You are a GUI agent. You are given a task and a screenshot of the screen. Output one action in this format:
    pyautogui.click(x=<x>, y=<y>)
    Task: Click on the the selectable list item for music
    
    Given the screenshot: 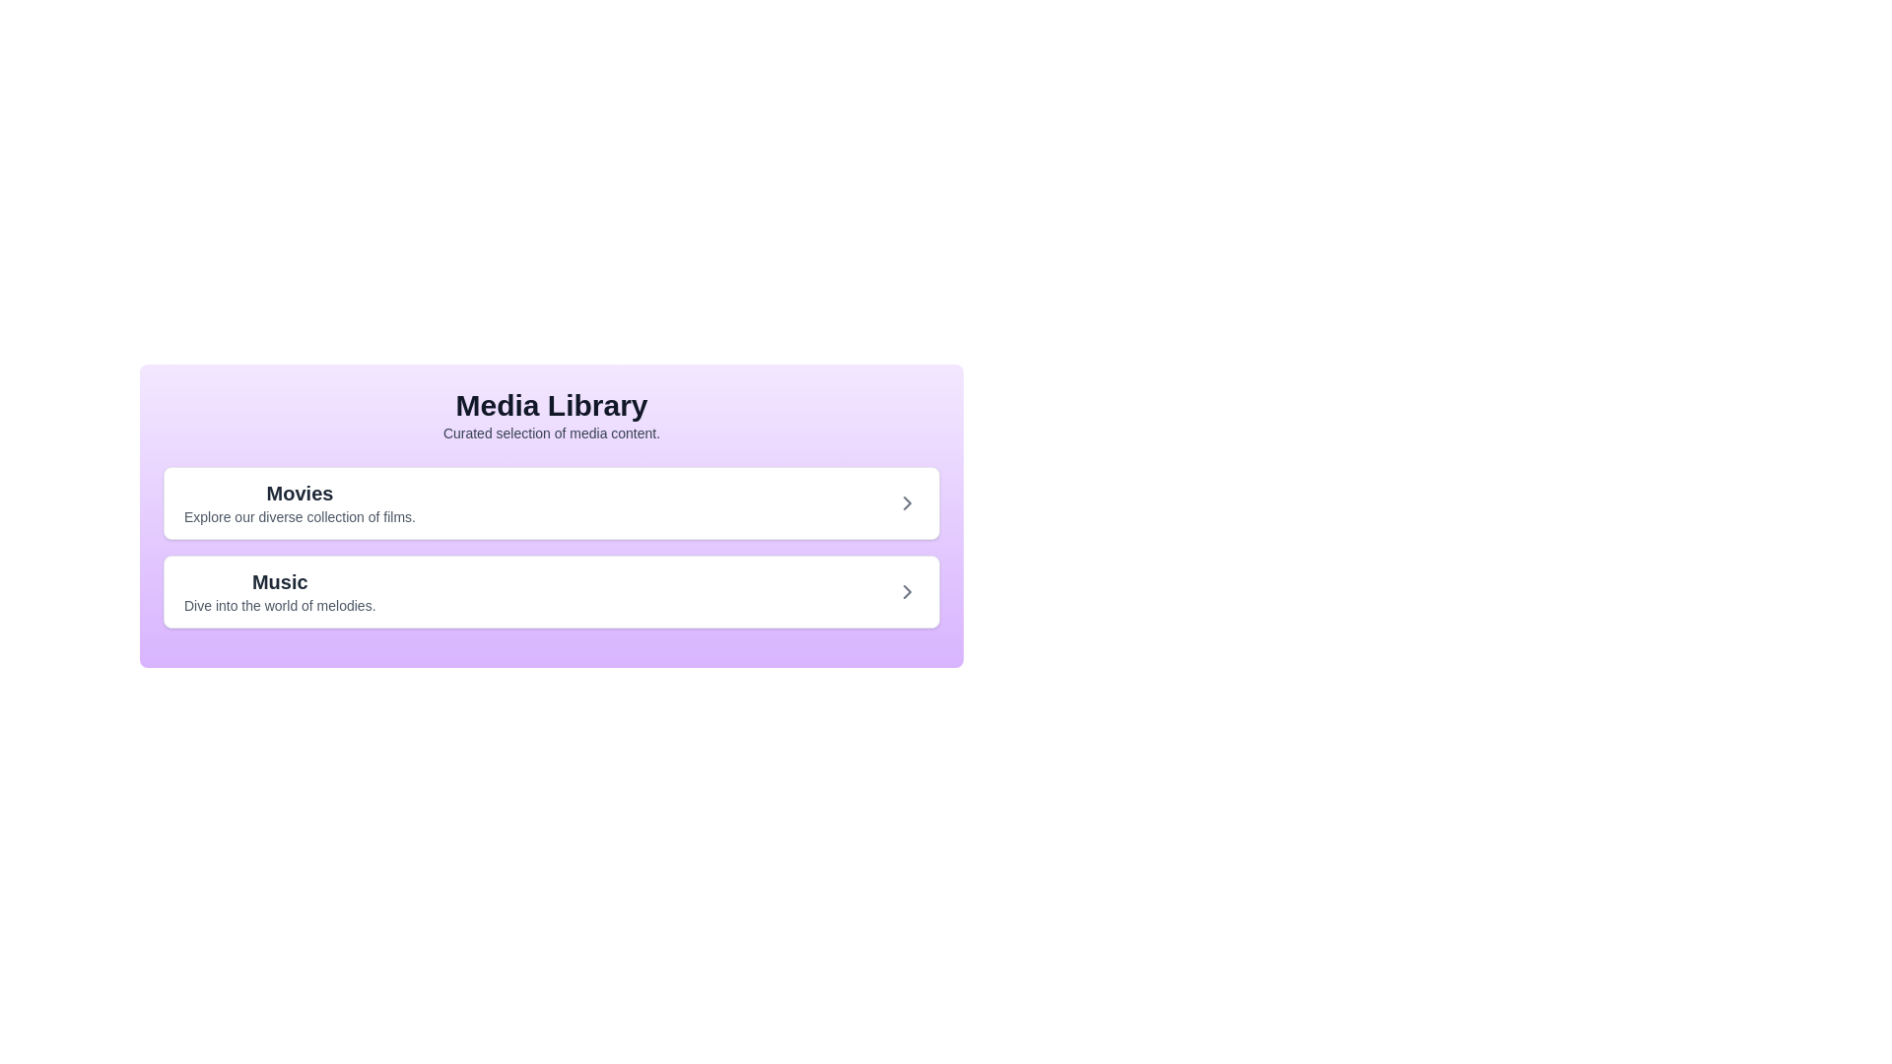 What is the action you would take?
    pyautogui.click(x=552, y=591)
    